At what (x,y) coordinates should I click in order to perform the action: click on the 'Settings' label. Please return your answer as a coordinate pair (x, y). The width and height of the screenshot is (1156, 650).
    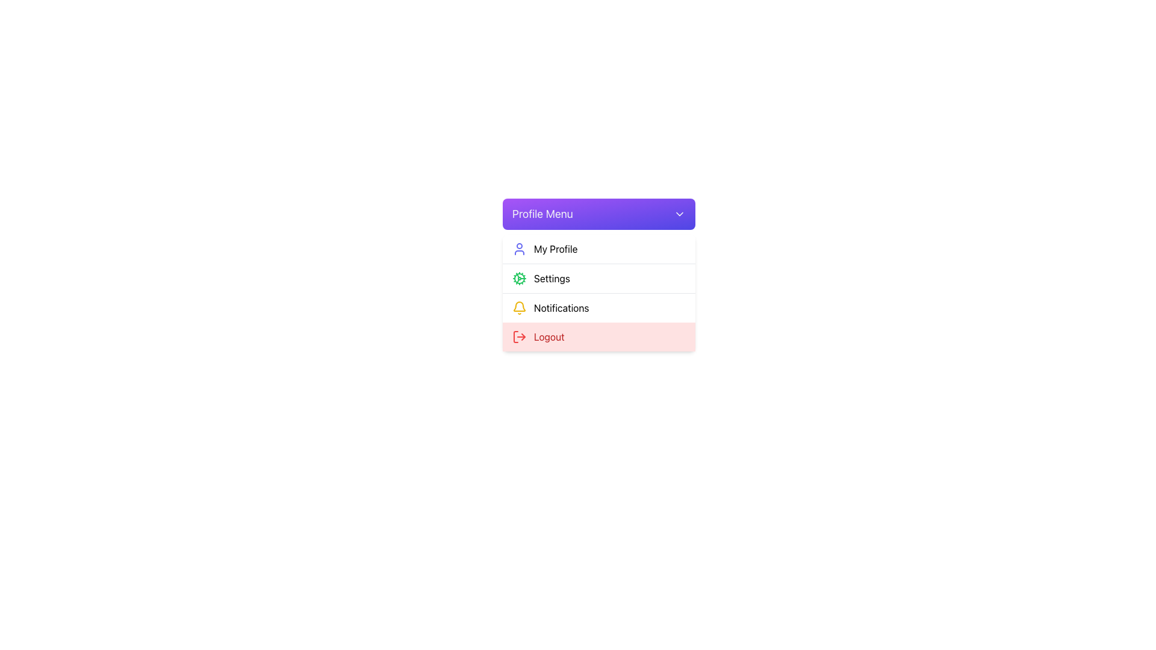
    Looking at the image, I should click on (551, 278).